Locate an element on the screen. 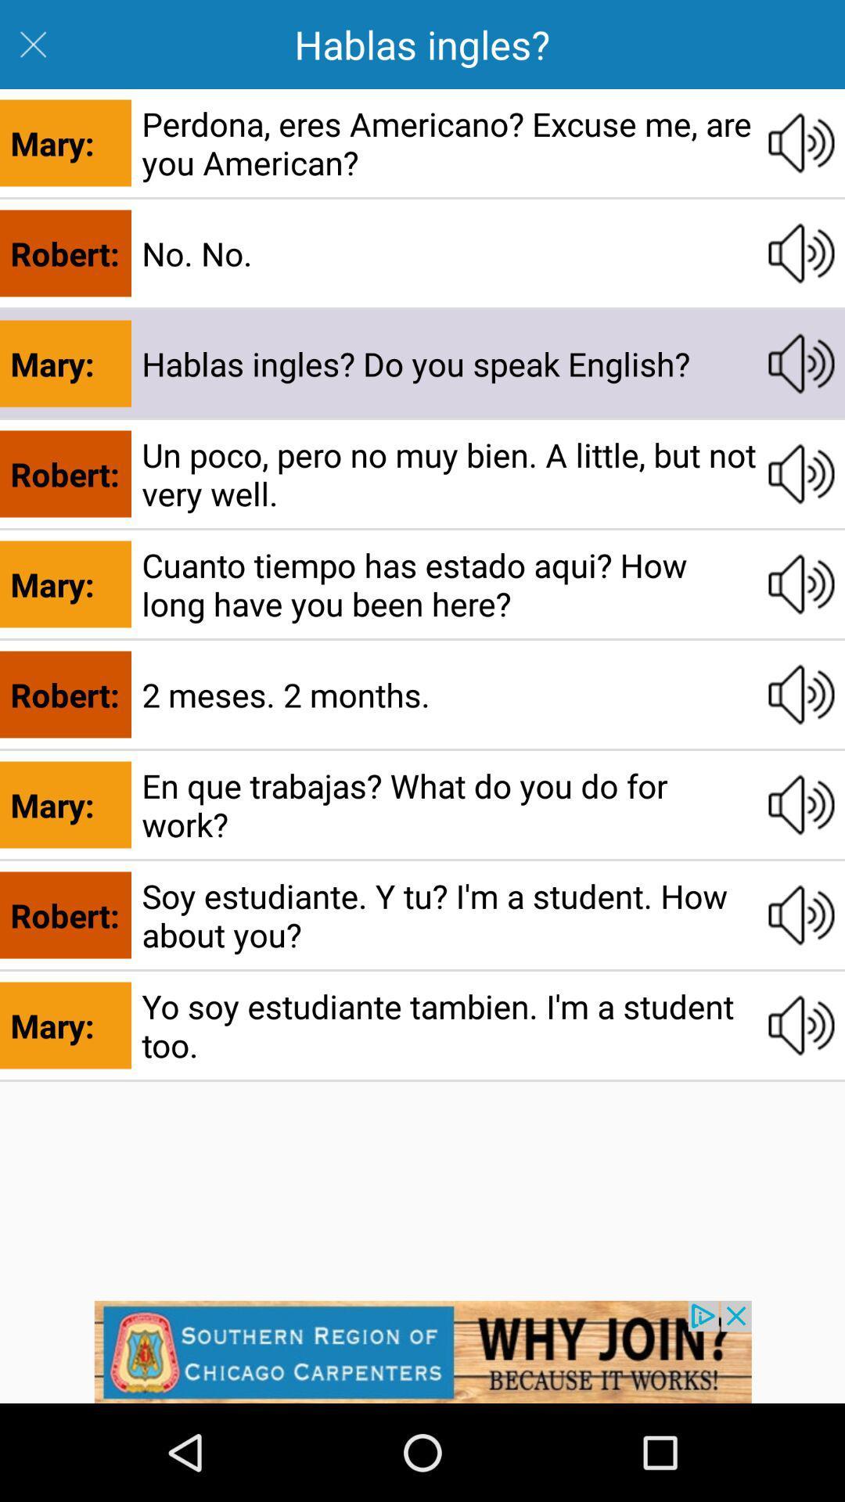  audio is located at coordinates (801, 584).